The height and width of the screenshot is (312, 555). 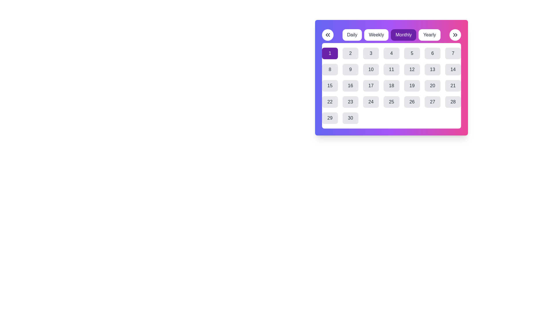 I want to click on the button representing the date '7' in the calendar, so click(x=453, y=53).